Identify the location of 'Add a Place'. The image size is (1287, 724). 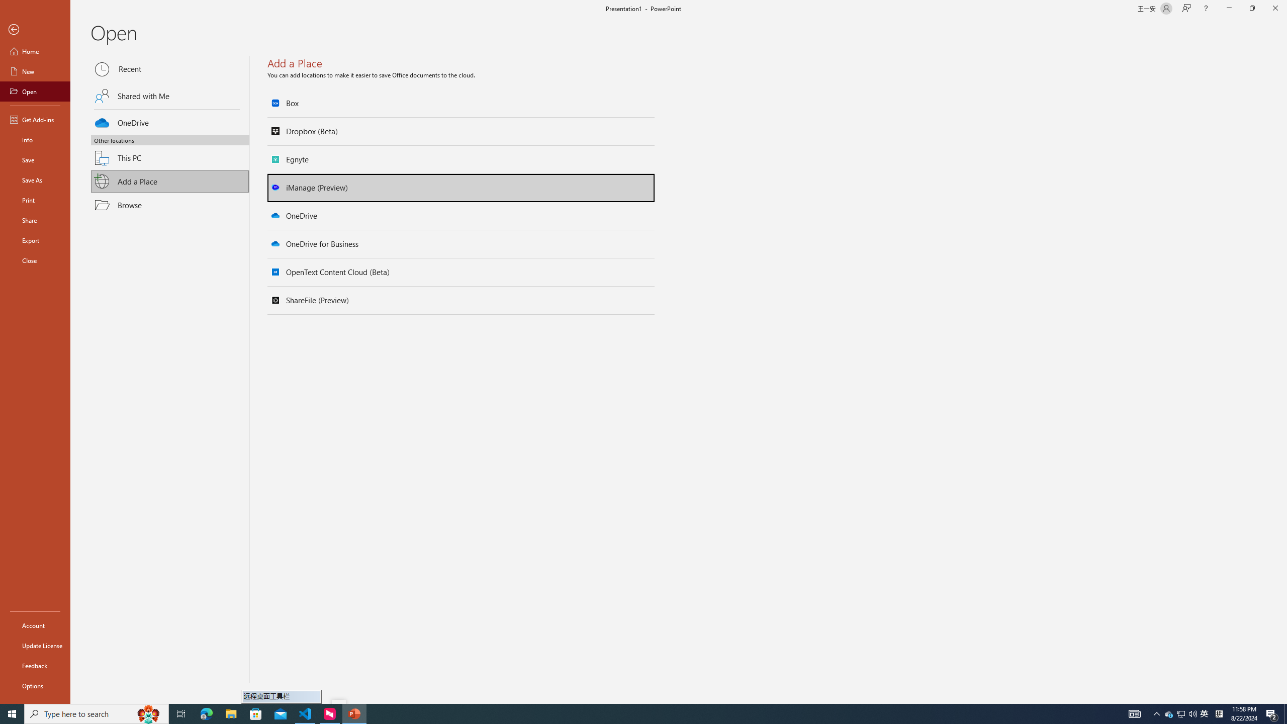
(170, 181).